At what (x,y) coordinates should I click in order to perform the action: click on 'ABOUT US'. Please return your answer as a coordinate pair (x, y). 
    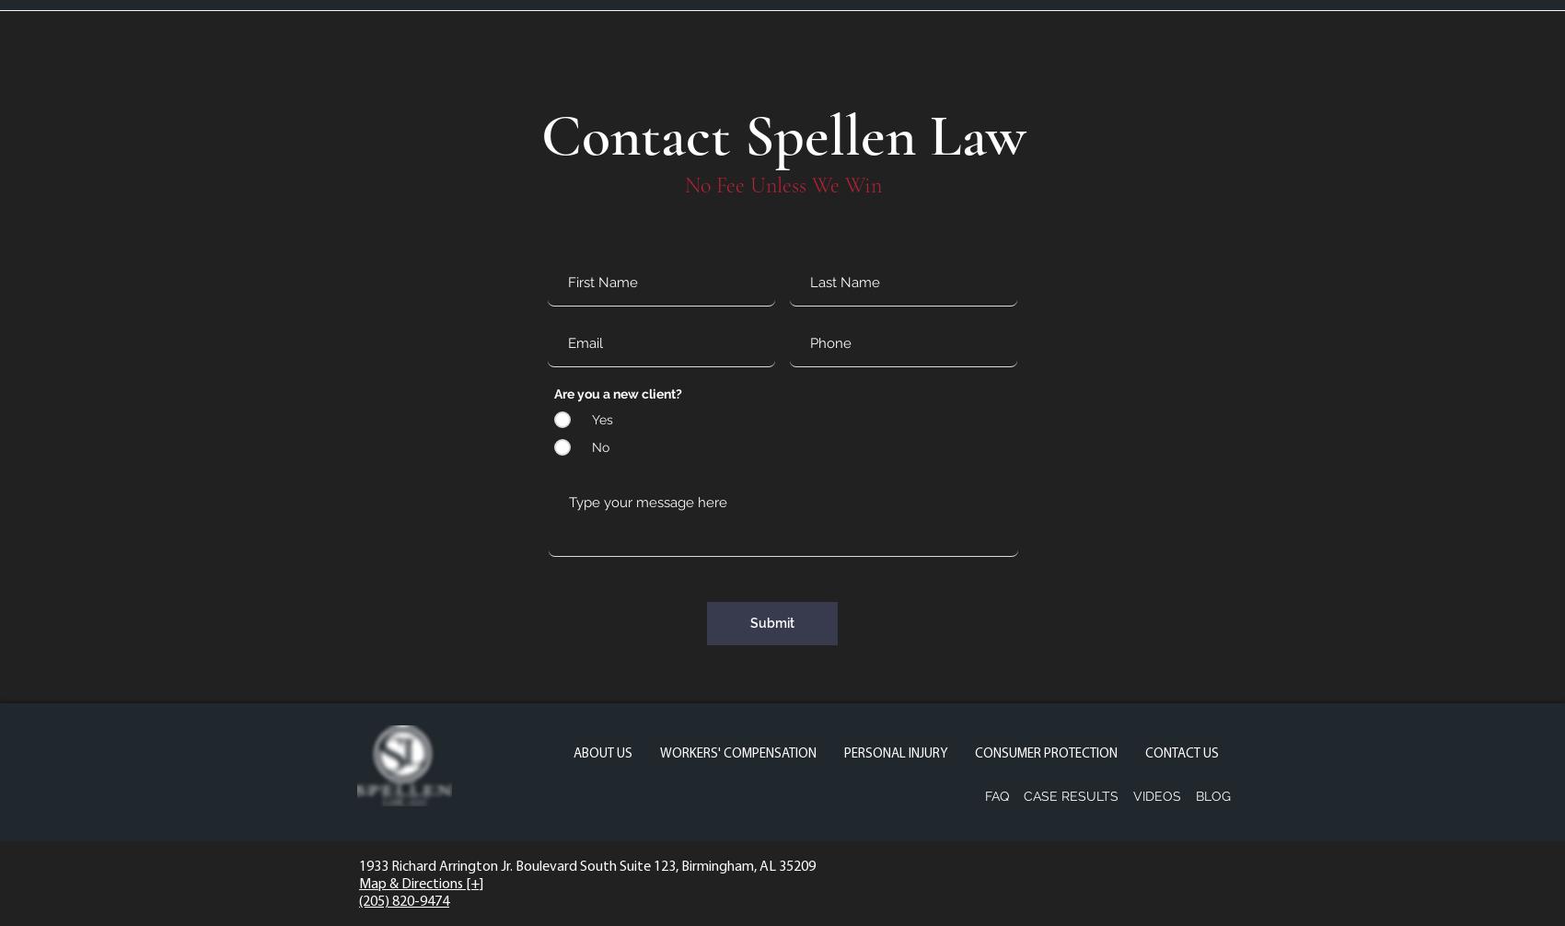
    Looking at the image, I should click on (603, 753).